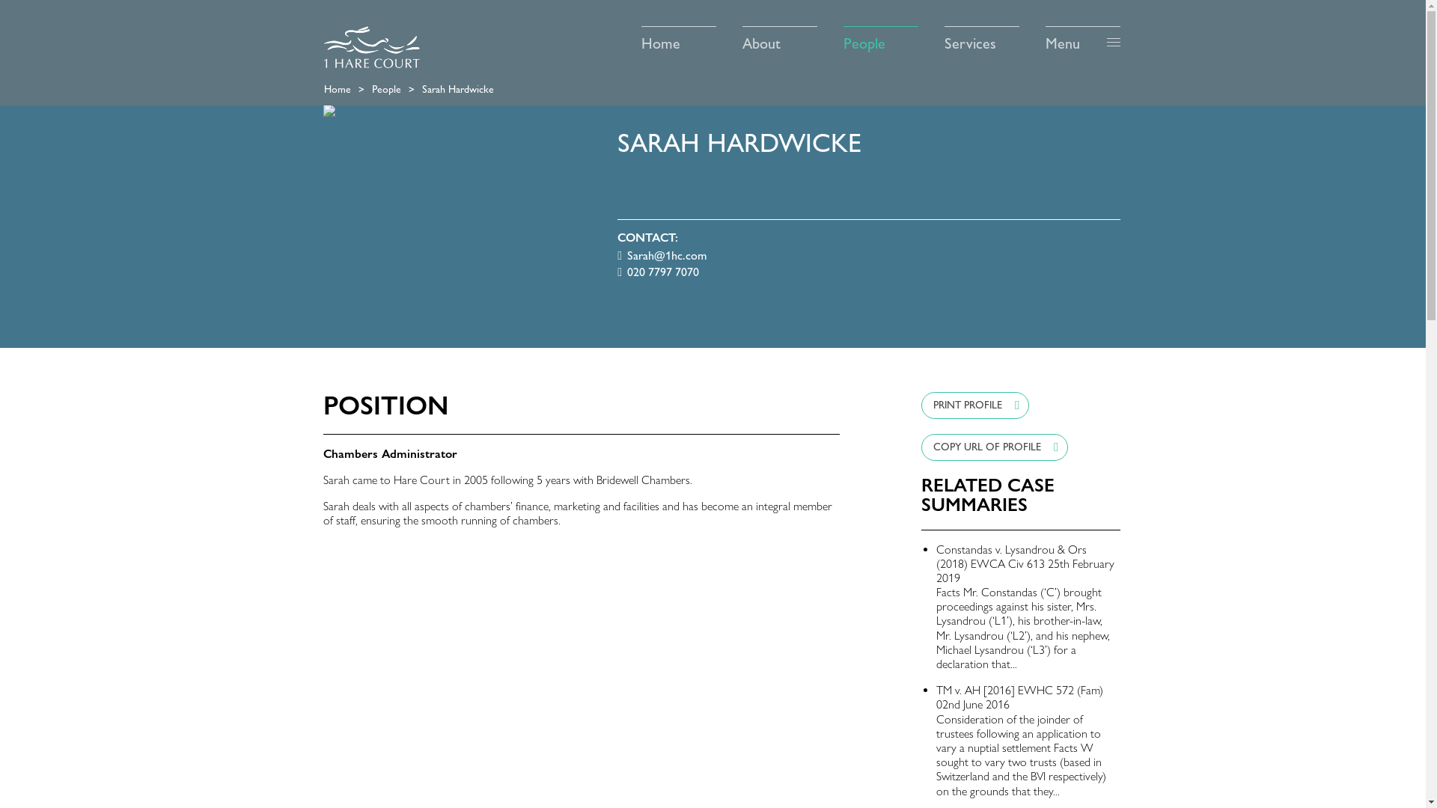 The width and height of the screenshot is (1437, 808). What do you see at coordinates (421, 89) in the screenshot?
I see `'Sarah Hardwicke'` at bounding box center [421, 89].